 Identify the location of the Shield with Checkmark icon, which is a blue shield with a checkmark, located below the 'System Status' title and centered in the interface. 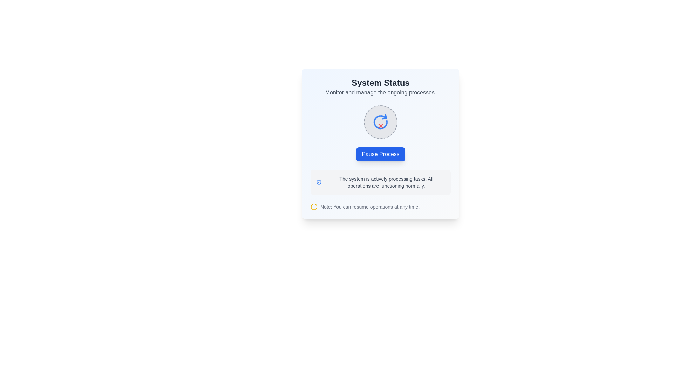
(319, 182).